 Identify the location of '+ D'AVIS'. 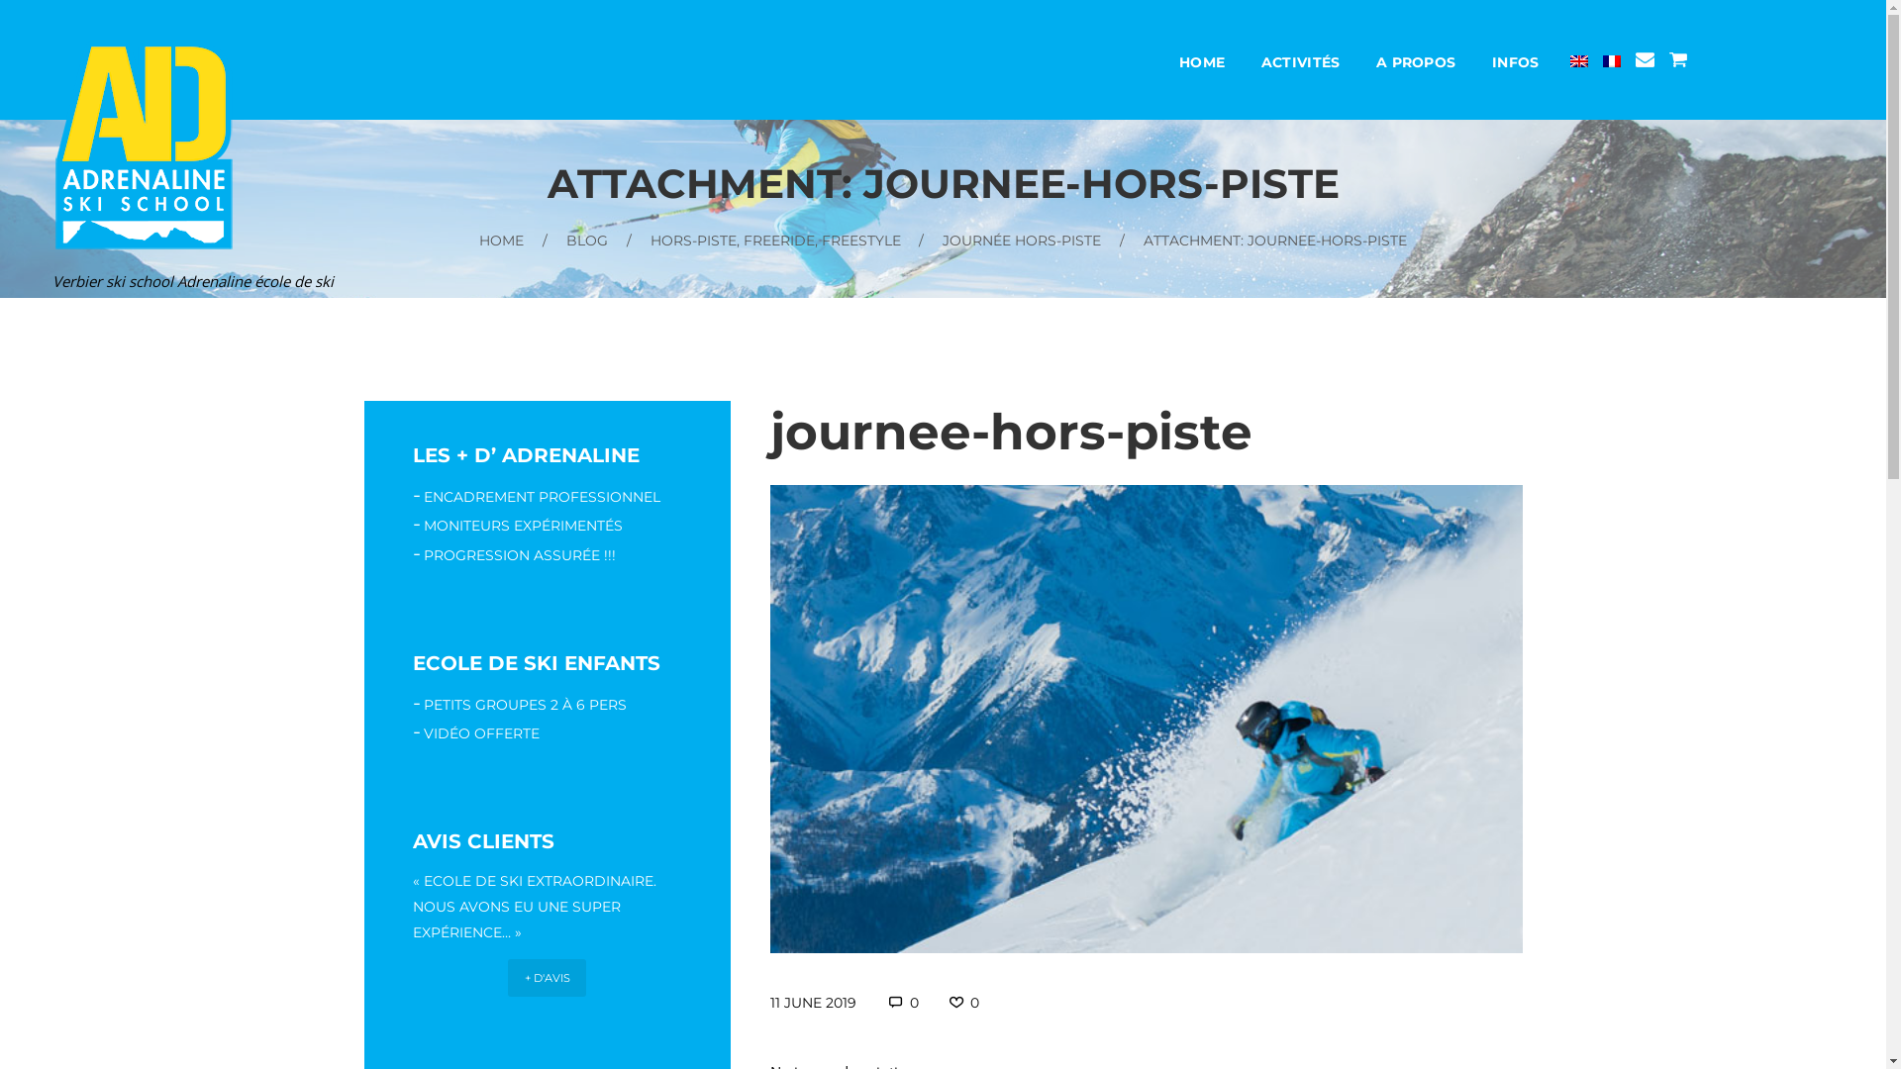
(508, 976).